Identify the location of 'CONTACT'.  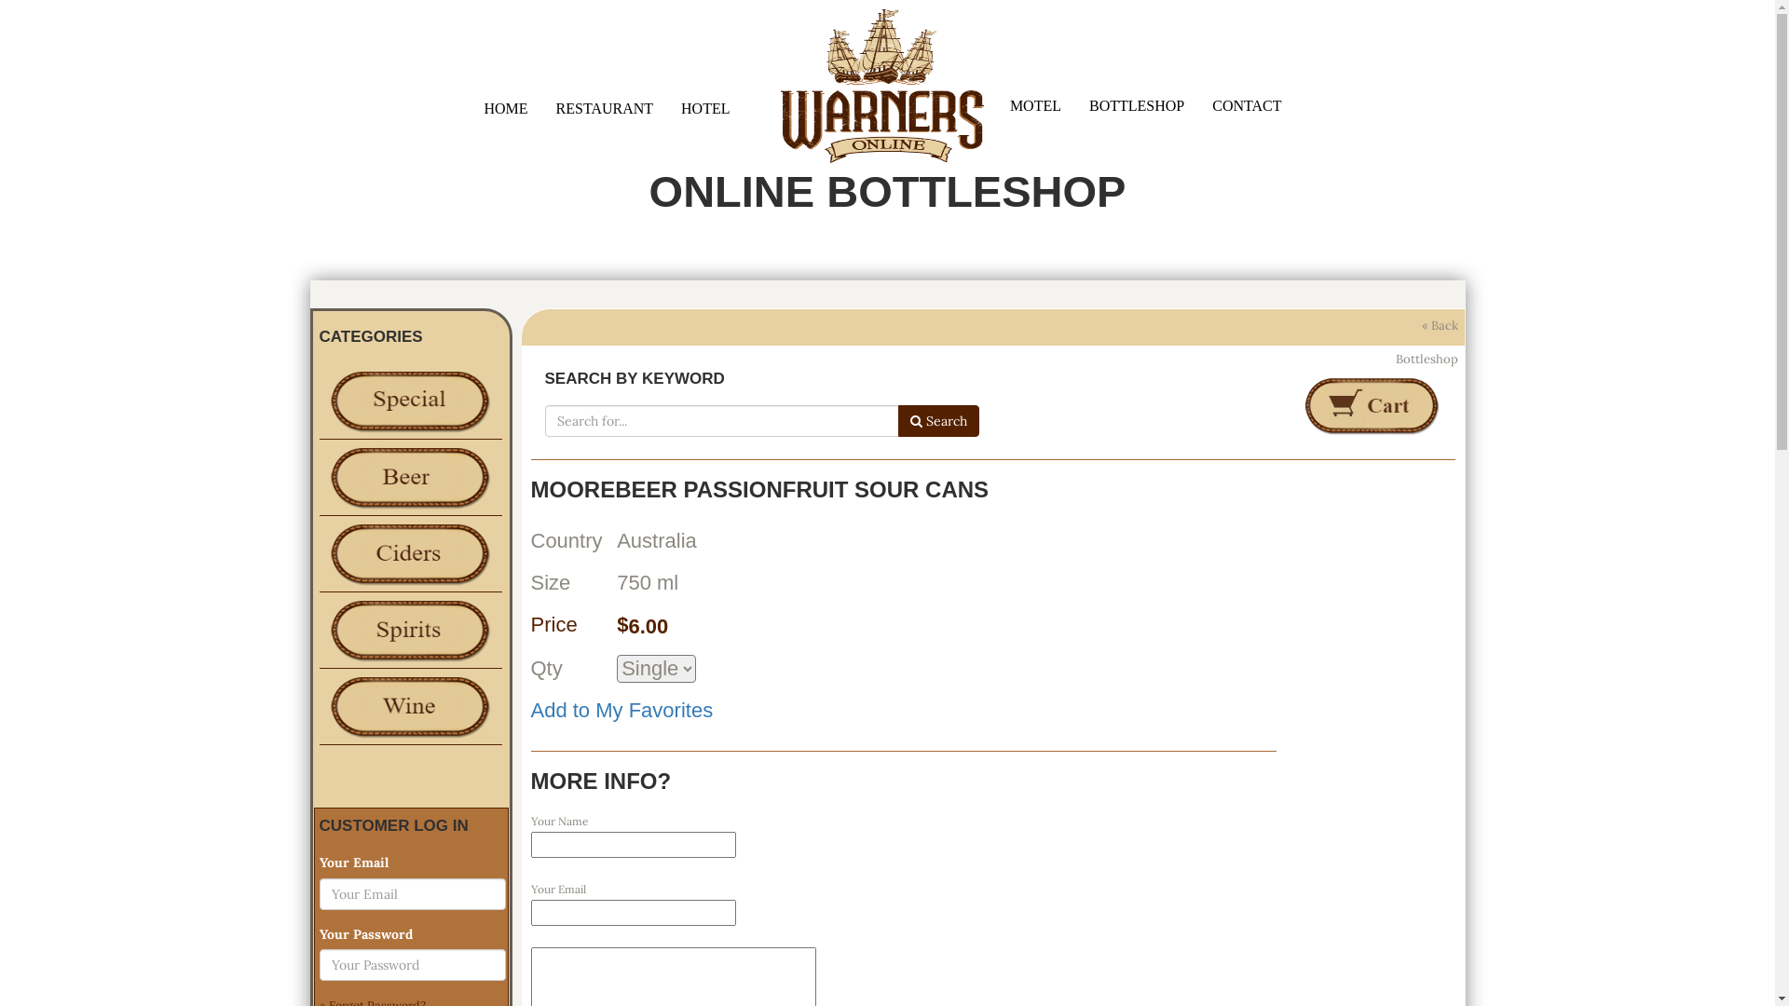
(1247, 104).